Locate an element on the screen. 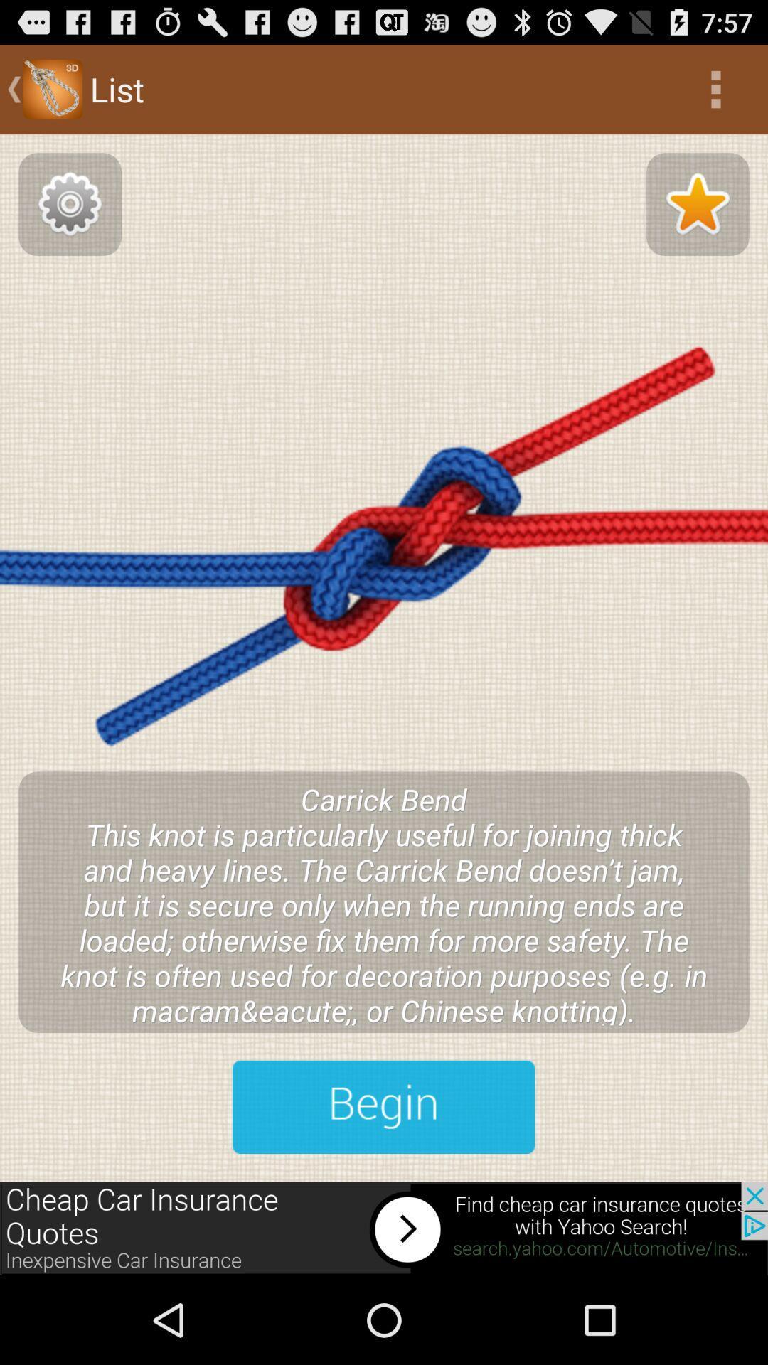 This screenshot has width=768, height=1365. advertisement is located at coordinates (384, 1228).